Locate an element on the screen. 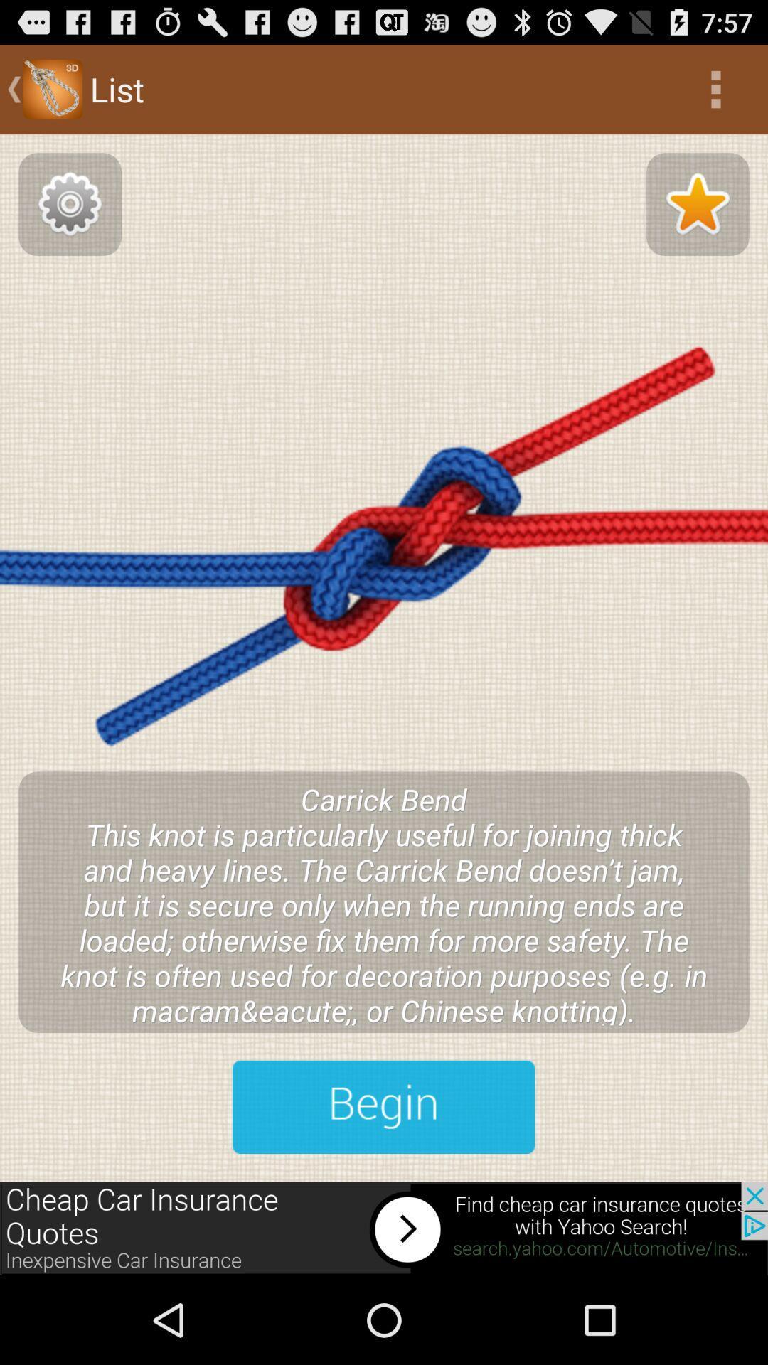 This screenshot has width=768, height=1365. advertisement is located at coordinates (384, 1228).